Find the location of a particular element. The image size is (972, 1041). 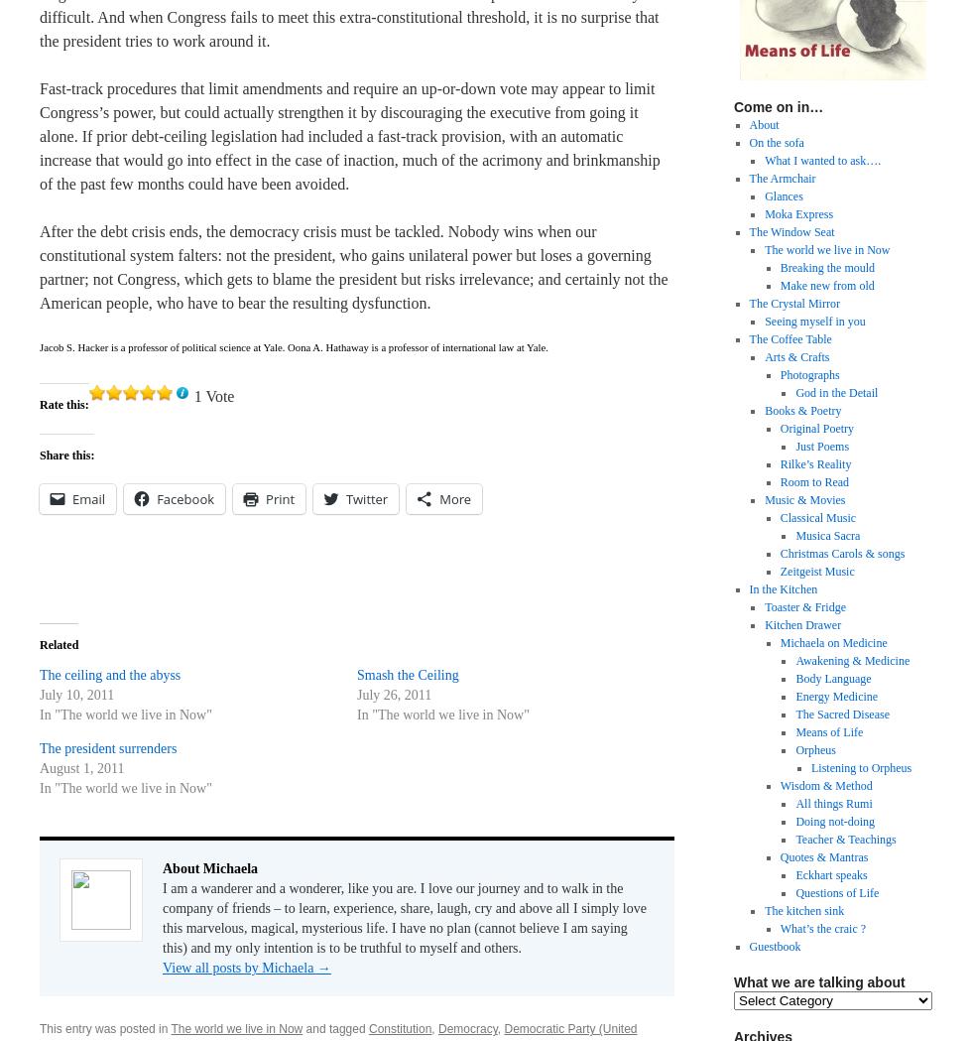

'More' is located at coordinates (455, 497).